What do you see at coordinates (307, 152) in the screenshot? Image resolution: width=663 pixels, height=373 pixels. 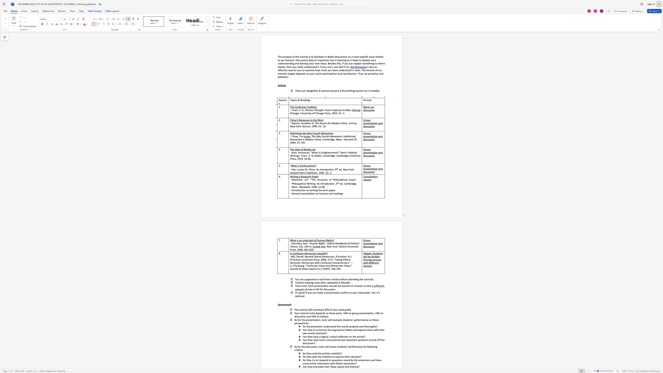 I see `the space between the continuous character "u" and "e" in the text` at bounding box center [307, 152].